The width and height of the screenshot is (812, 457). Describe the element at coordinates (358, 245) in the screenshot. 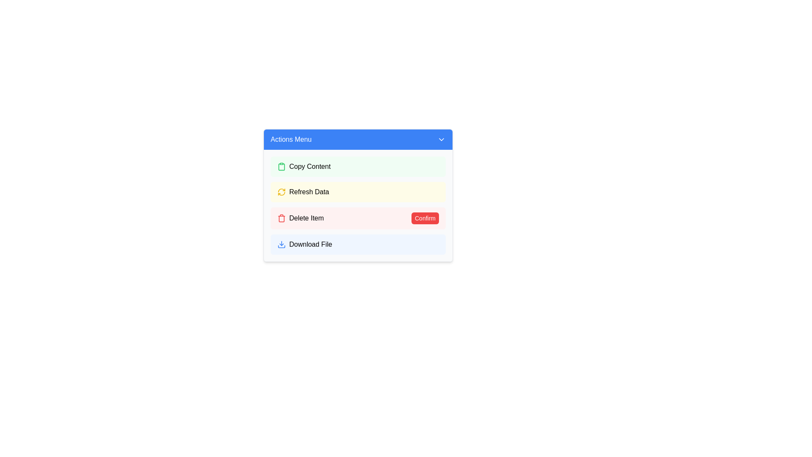

I see `the fourth button in the 'Actions Menu' to initiate the download process` at that location.